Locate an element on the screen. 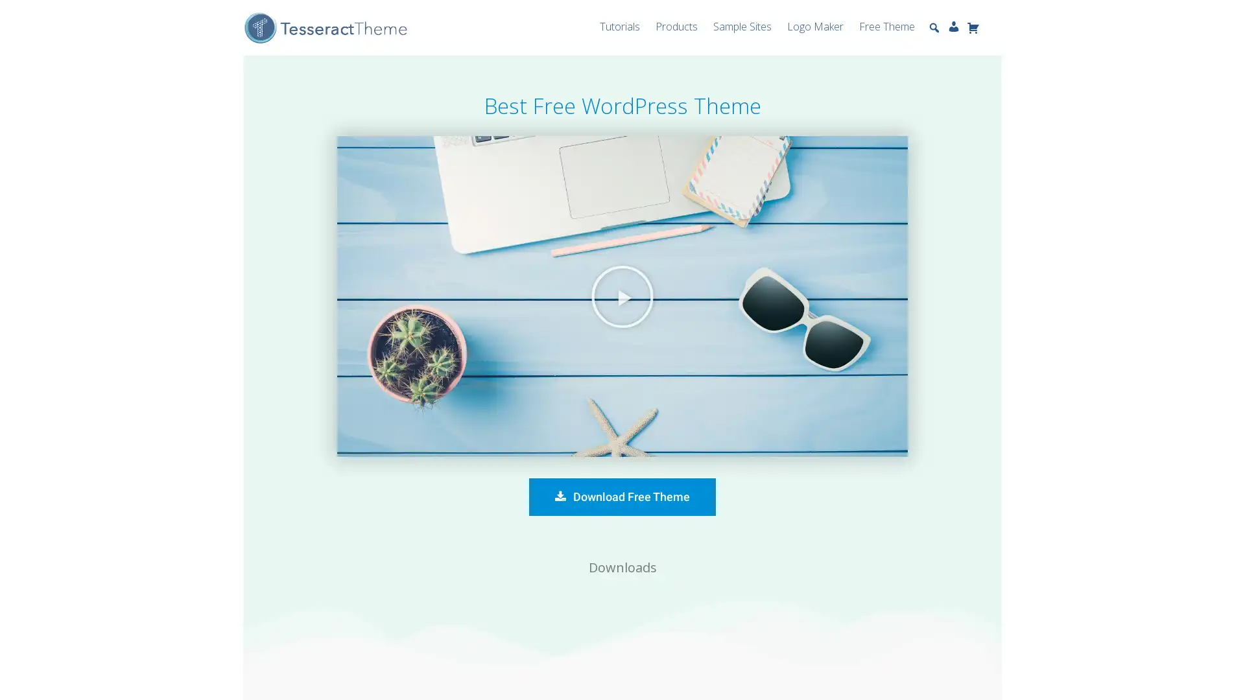 This screenshot has height=700, width=1245. Play Video is located at coordinates (622, 296).